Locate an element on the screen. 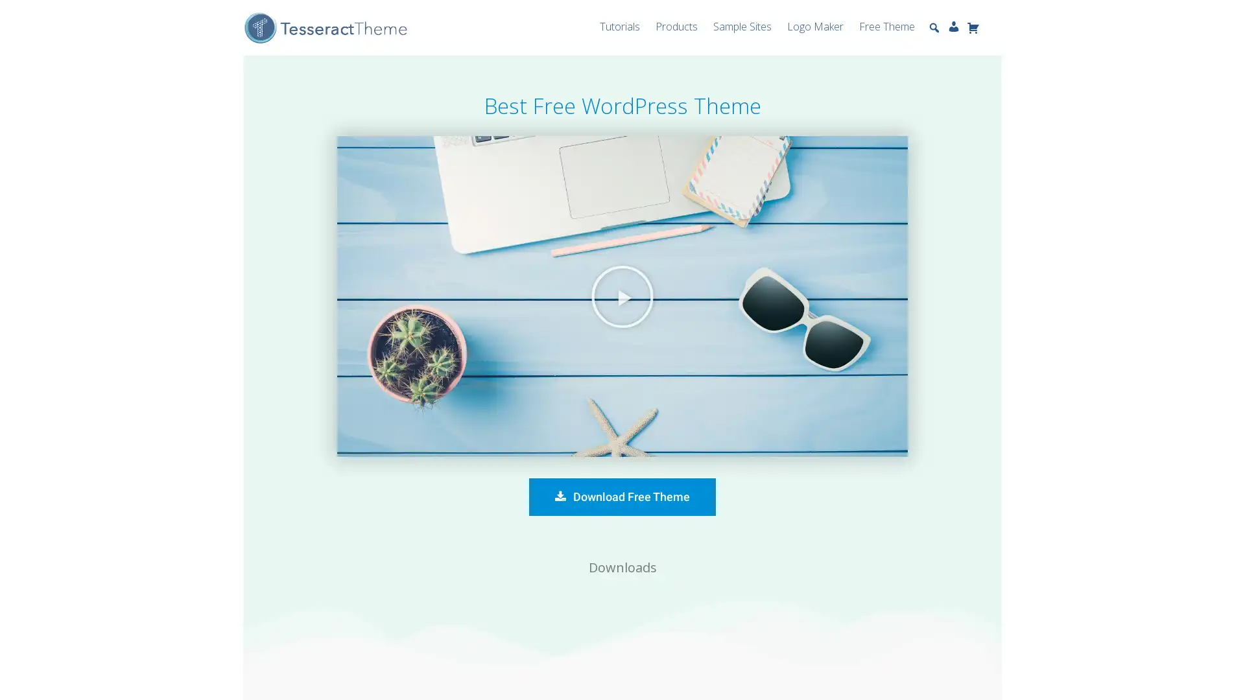 This screenshot has height=700, width=1245. Play Video is located at coordinates (622, 296).